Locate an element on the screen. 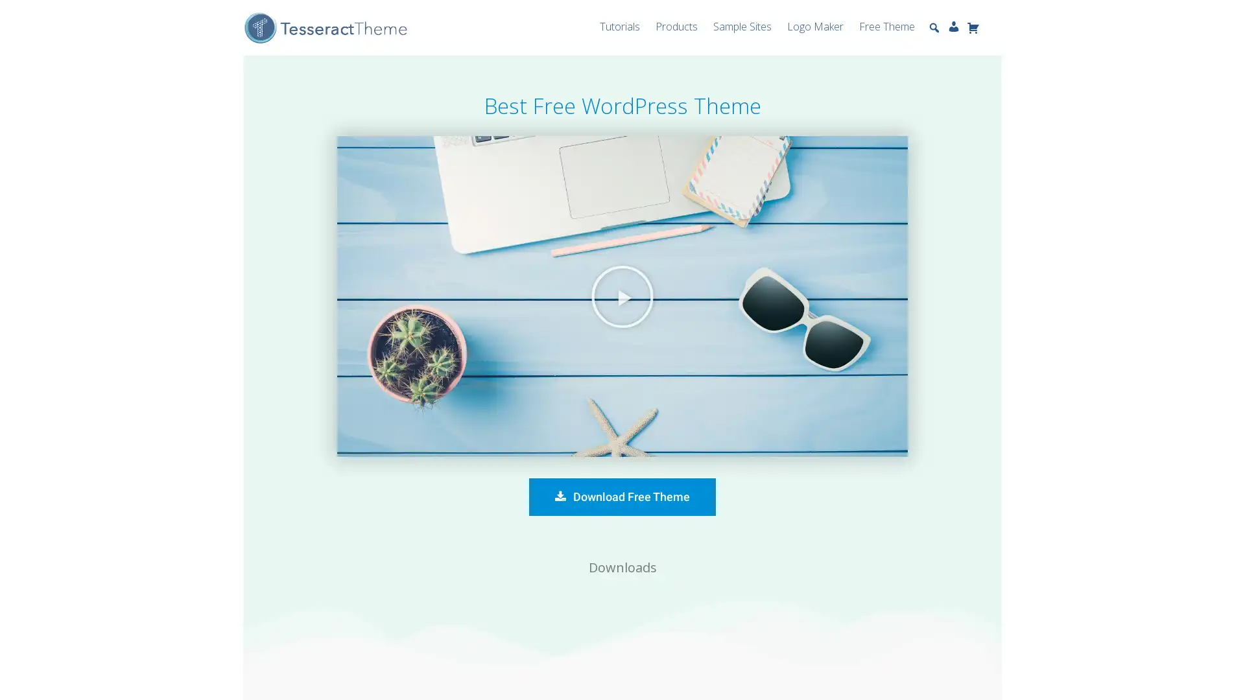 This screenshot has height=700, width=1245. Play Video is located at coordinates (622, 296).